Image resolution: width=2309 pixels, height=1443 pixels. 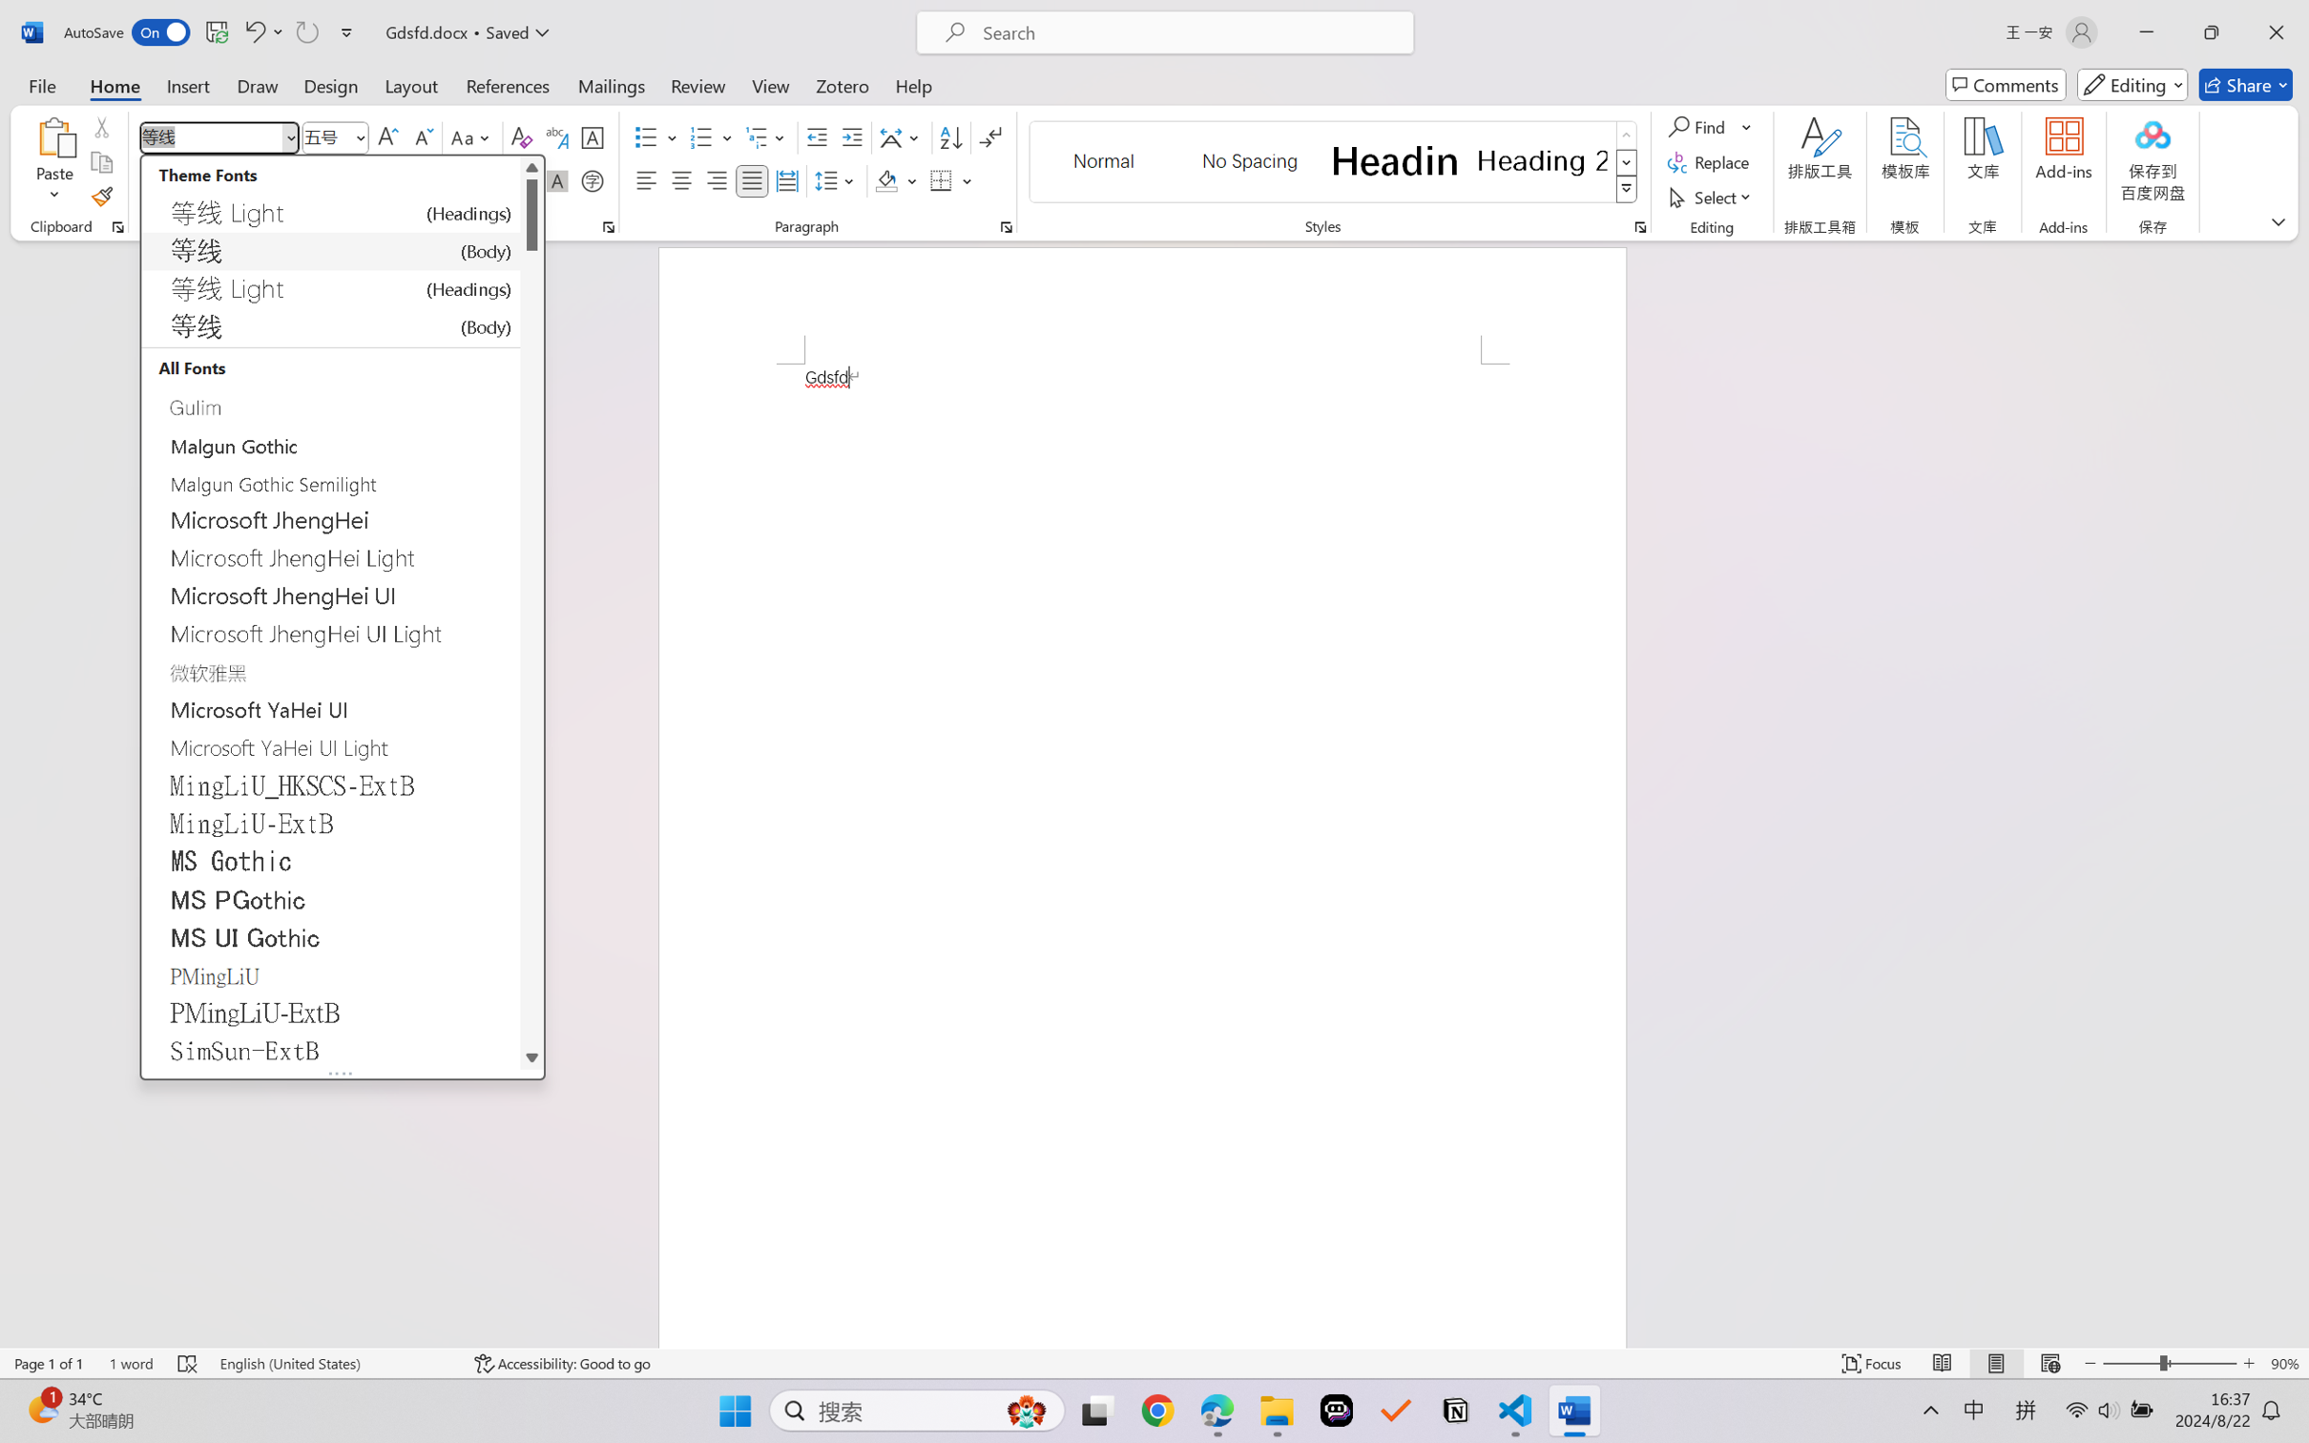 I want to click on 'Line down', so click(x=531, y=1056).